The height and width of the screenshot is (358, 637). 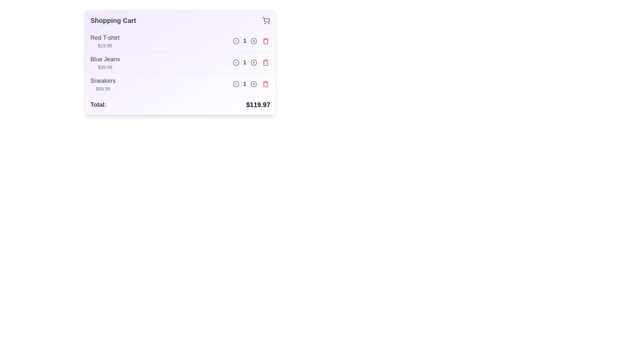 What do you see at coordinates (103, 84) in the screenshot?
I see `the Text display group showing the product name 'Sneakers' and the price '$59.99', which is located under the 'Shopping Cart' heading and is the third item in the list` at bounding box center [103, 84].